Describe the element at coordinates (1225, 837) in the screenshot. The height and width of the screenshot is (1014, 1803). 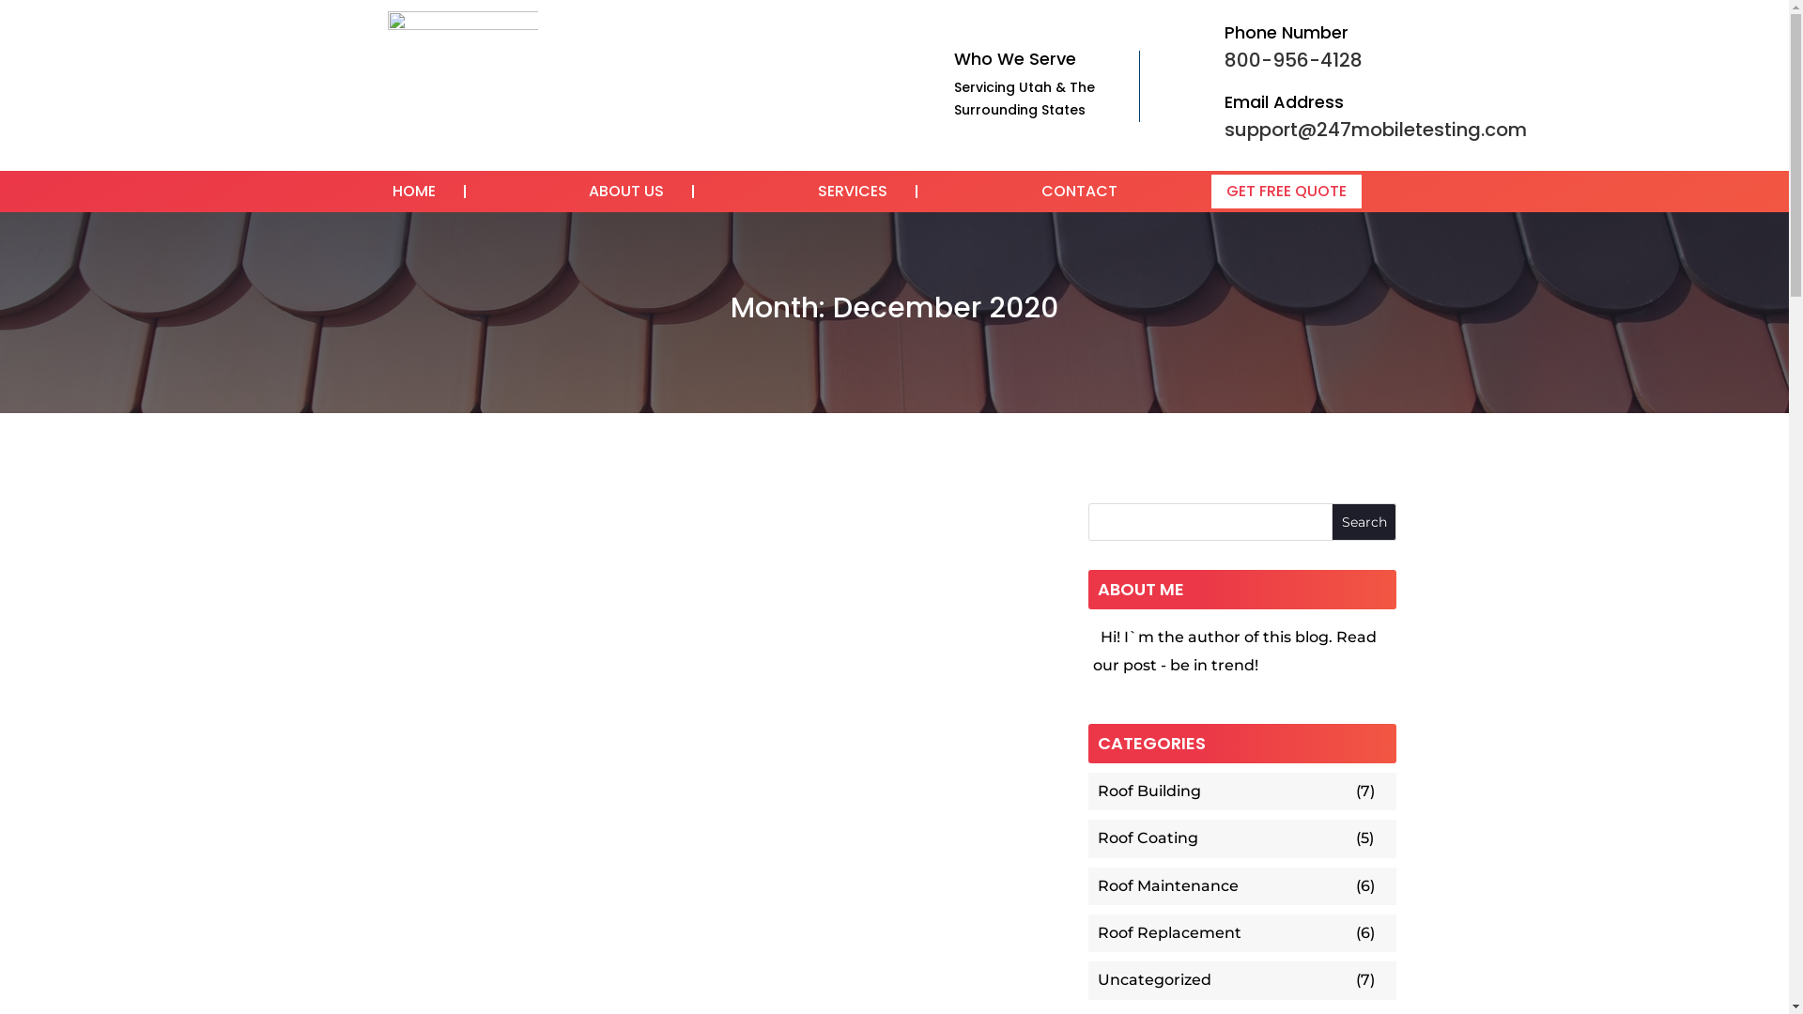
I see `'Roof Coating'` at that location.